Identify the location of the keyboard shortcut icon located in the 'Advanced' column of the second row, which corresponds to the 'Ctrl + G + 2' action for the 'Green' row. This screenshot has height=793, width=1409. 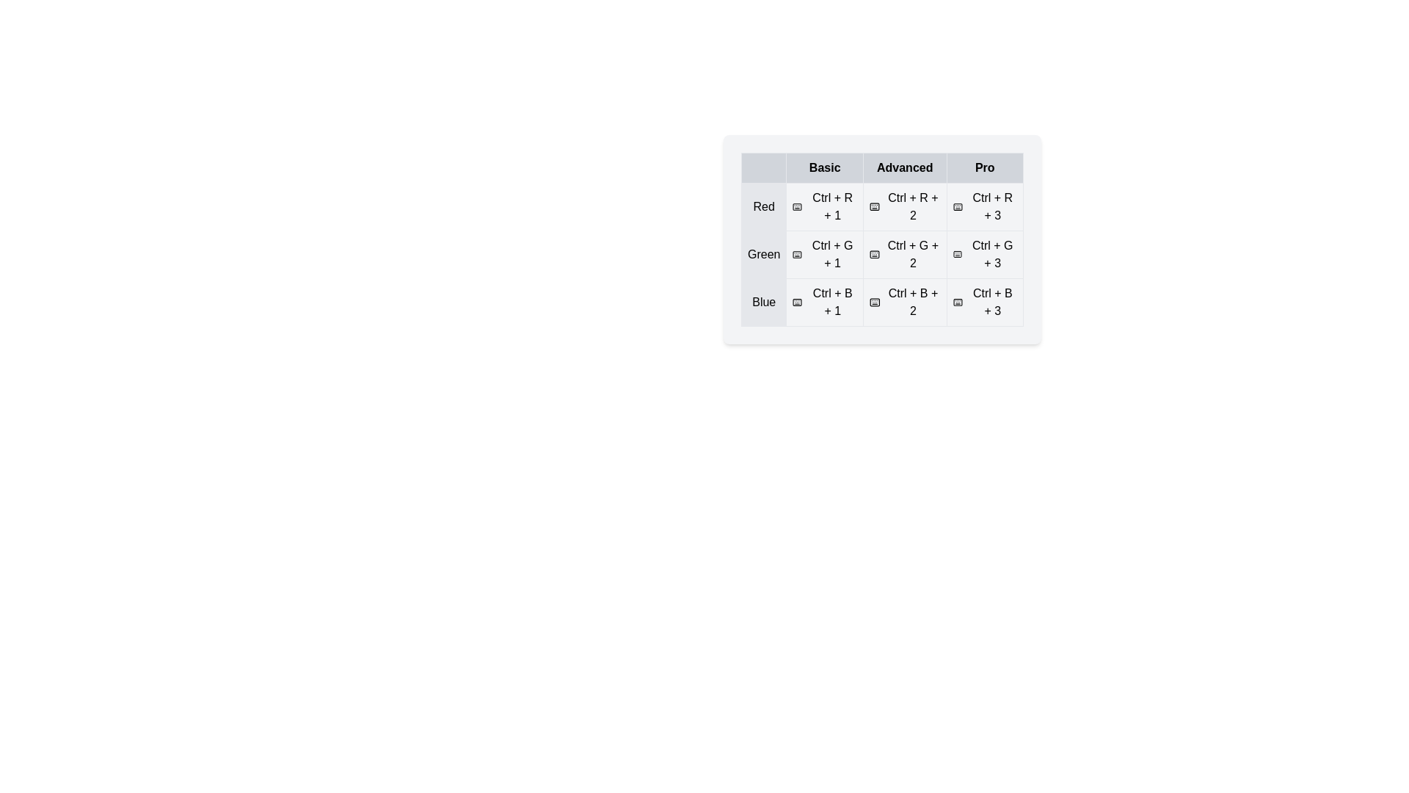
(875, 254).